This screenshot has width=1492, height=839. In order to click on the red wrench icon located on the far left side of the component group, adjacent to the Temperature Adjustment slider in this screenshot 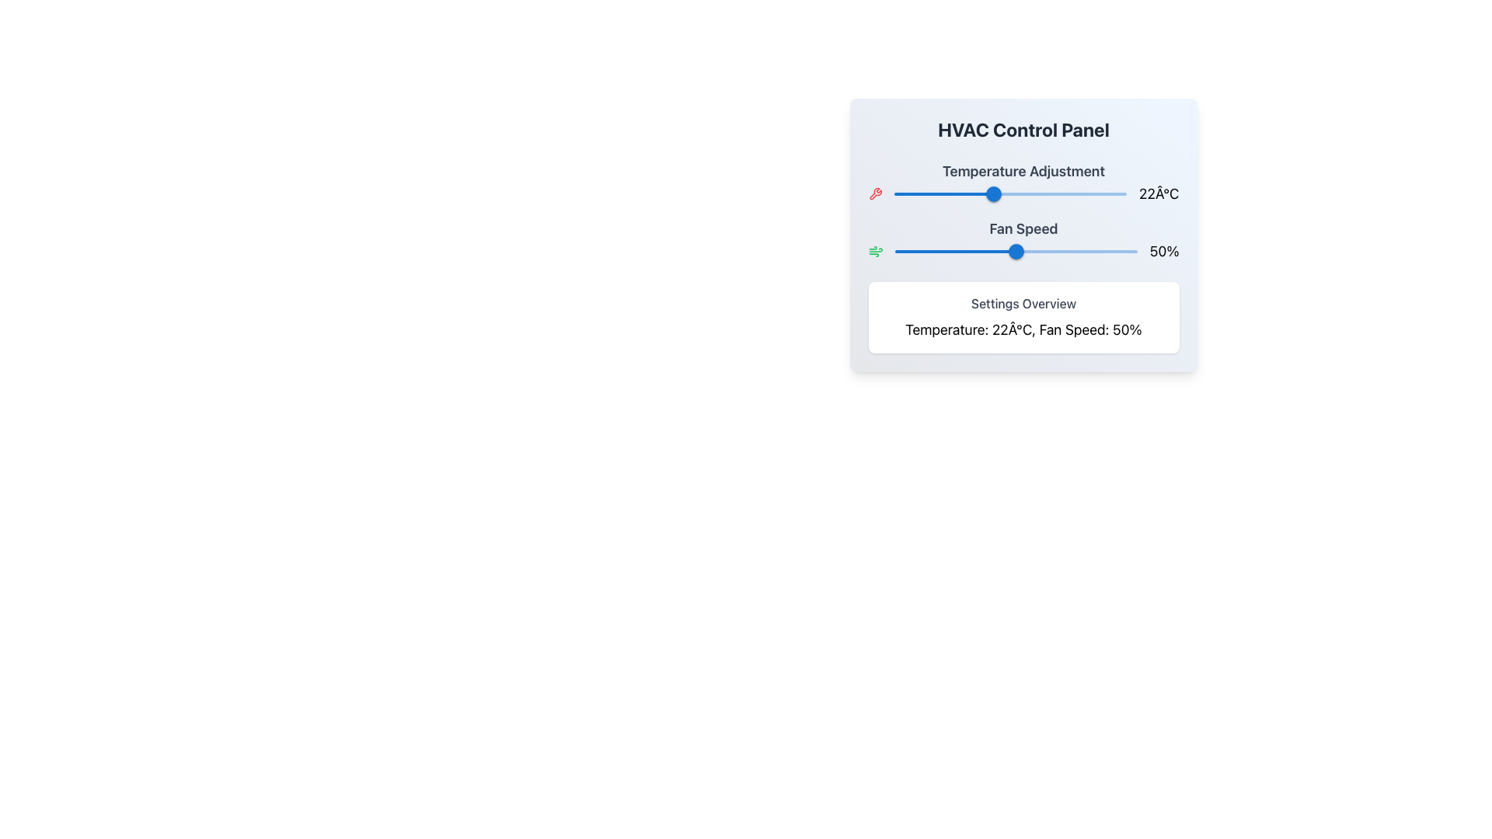, I will do `click(875, 193)`.